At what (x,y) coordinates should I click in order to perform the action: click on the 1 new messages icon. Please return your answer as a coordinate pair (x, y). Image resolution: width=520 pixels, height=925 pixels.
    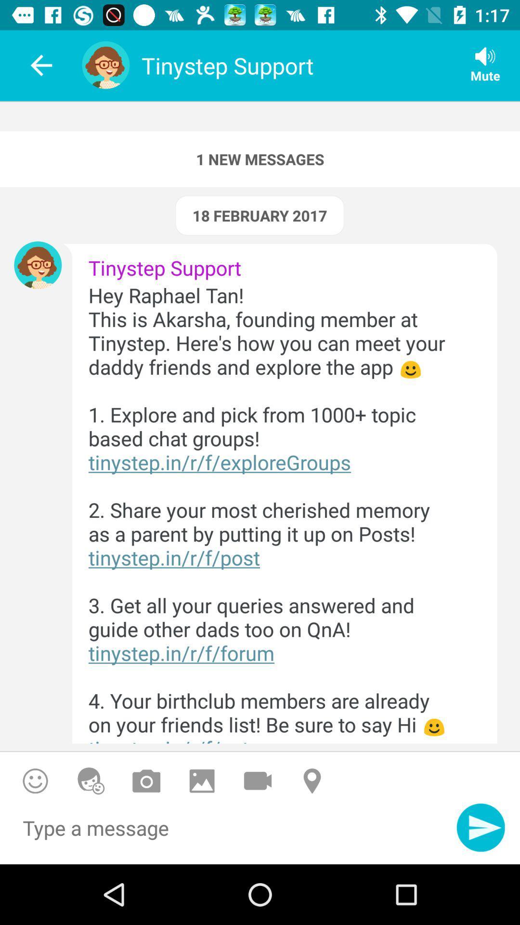
    Looking at the image, I should click on (260, 159).